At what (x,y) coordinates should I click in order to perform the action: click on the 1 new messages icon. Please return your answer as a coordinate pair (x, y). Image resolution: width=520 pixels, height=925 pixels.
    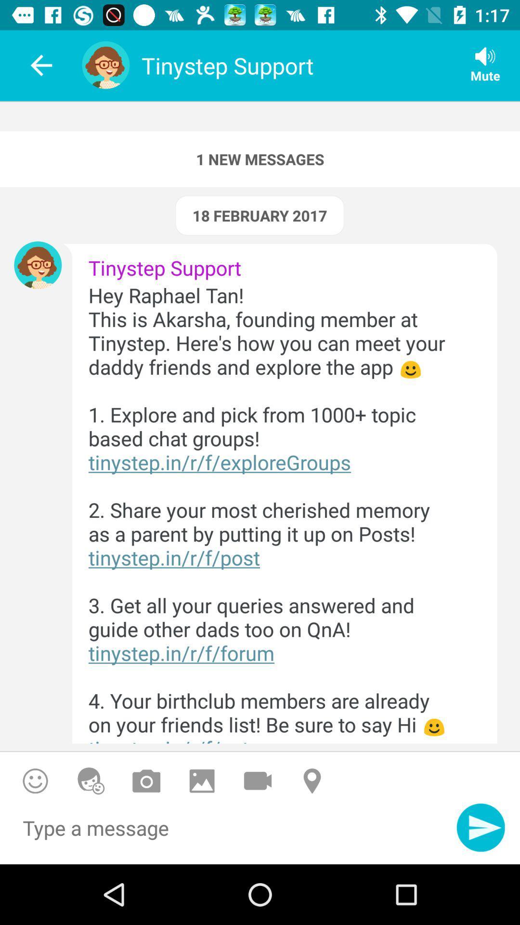
    Looking at the image, I should click on (260, 159).